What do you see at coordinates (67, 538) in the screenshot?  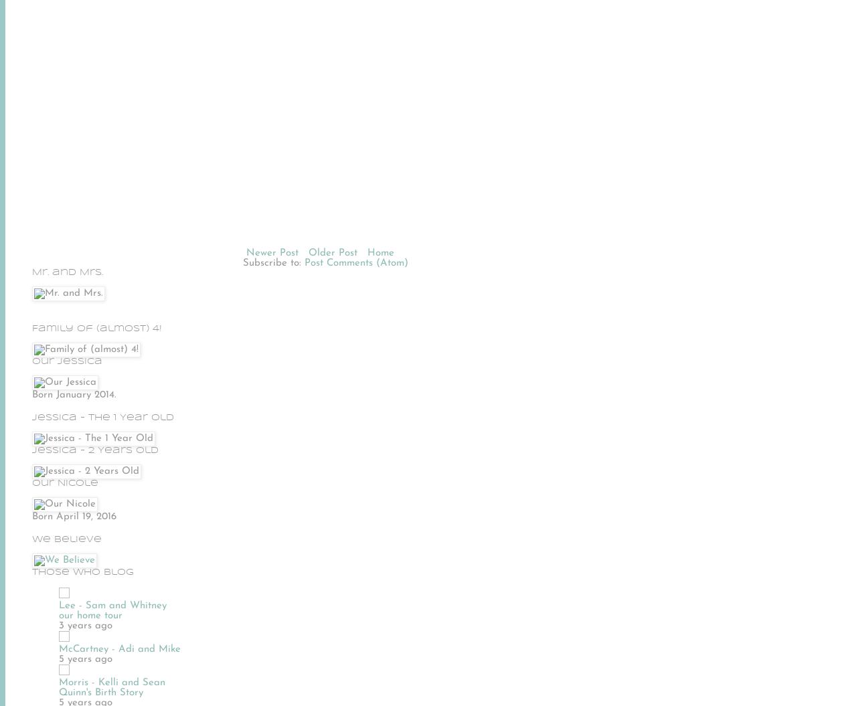 I see `'We Believe'` at bounding box center [67, 538].